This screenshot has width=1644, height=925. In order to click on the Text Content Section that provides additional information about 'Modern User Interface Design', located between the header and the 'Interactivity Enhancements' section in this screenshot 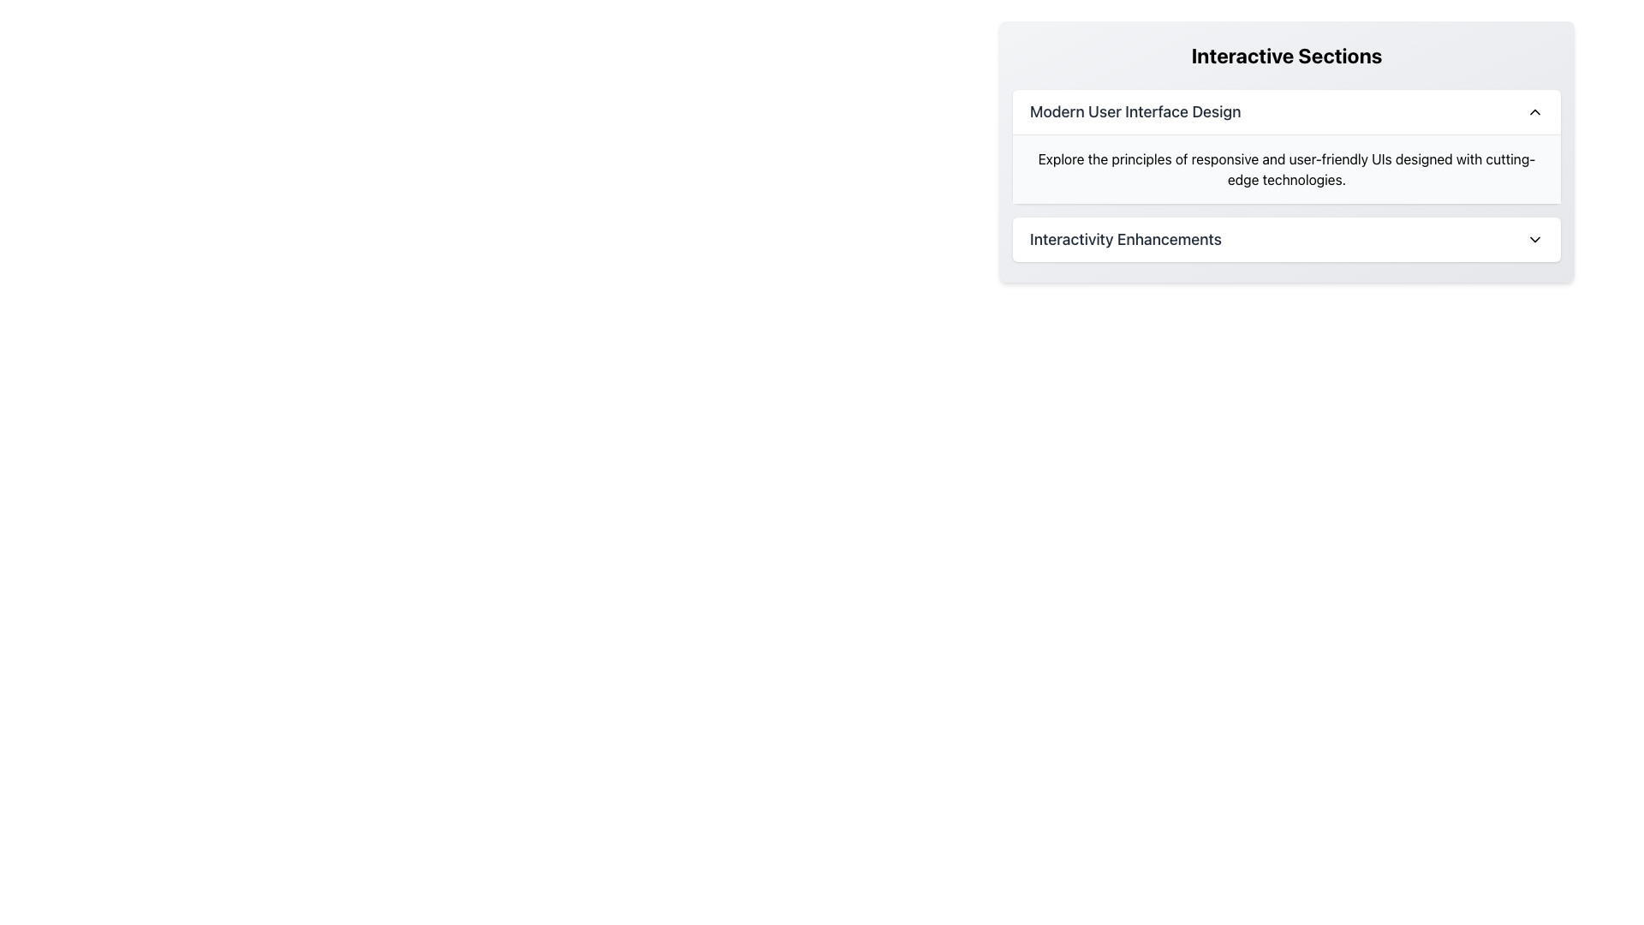, I will do `click(1286, 146)`.